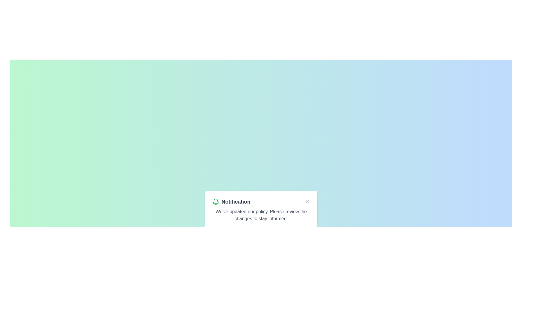 The height and width of the screenshot is (315, 560). I want to click on informational message displayed in the gray text paragraph stating 'We've updated our policy. Please review the changes to stay informed.' located within the notification card under the heading 'Notification', so click(261, 215).